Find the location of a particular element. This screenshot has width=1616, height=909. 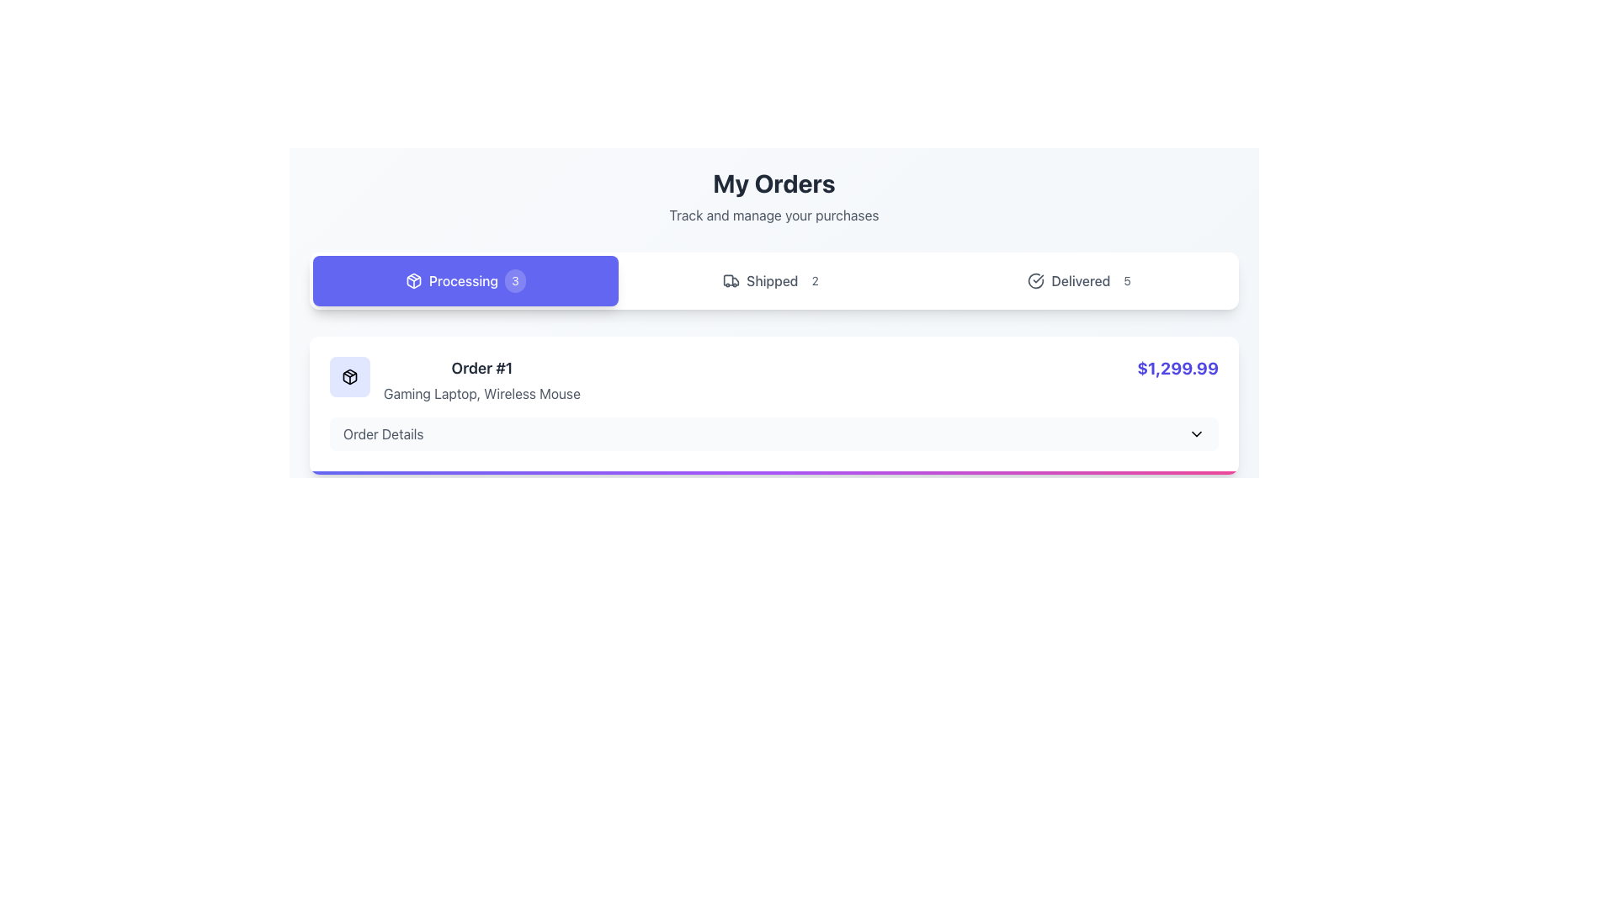

the bold-text heading displaying 'Order #1' which serves as a title for the associated order description is located at coordinates (481, 368).